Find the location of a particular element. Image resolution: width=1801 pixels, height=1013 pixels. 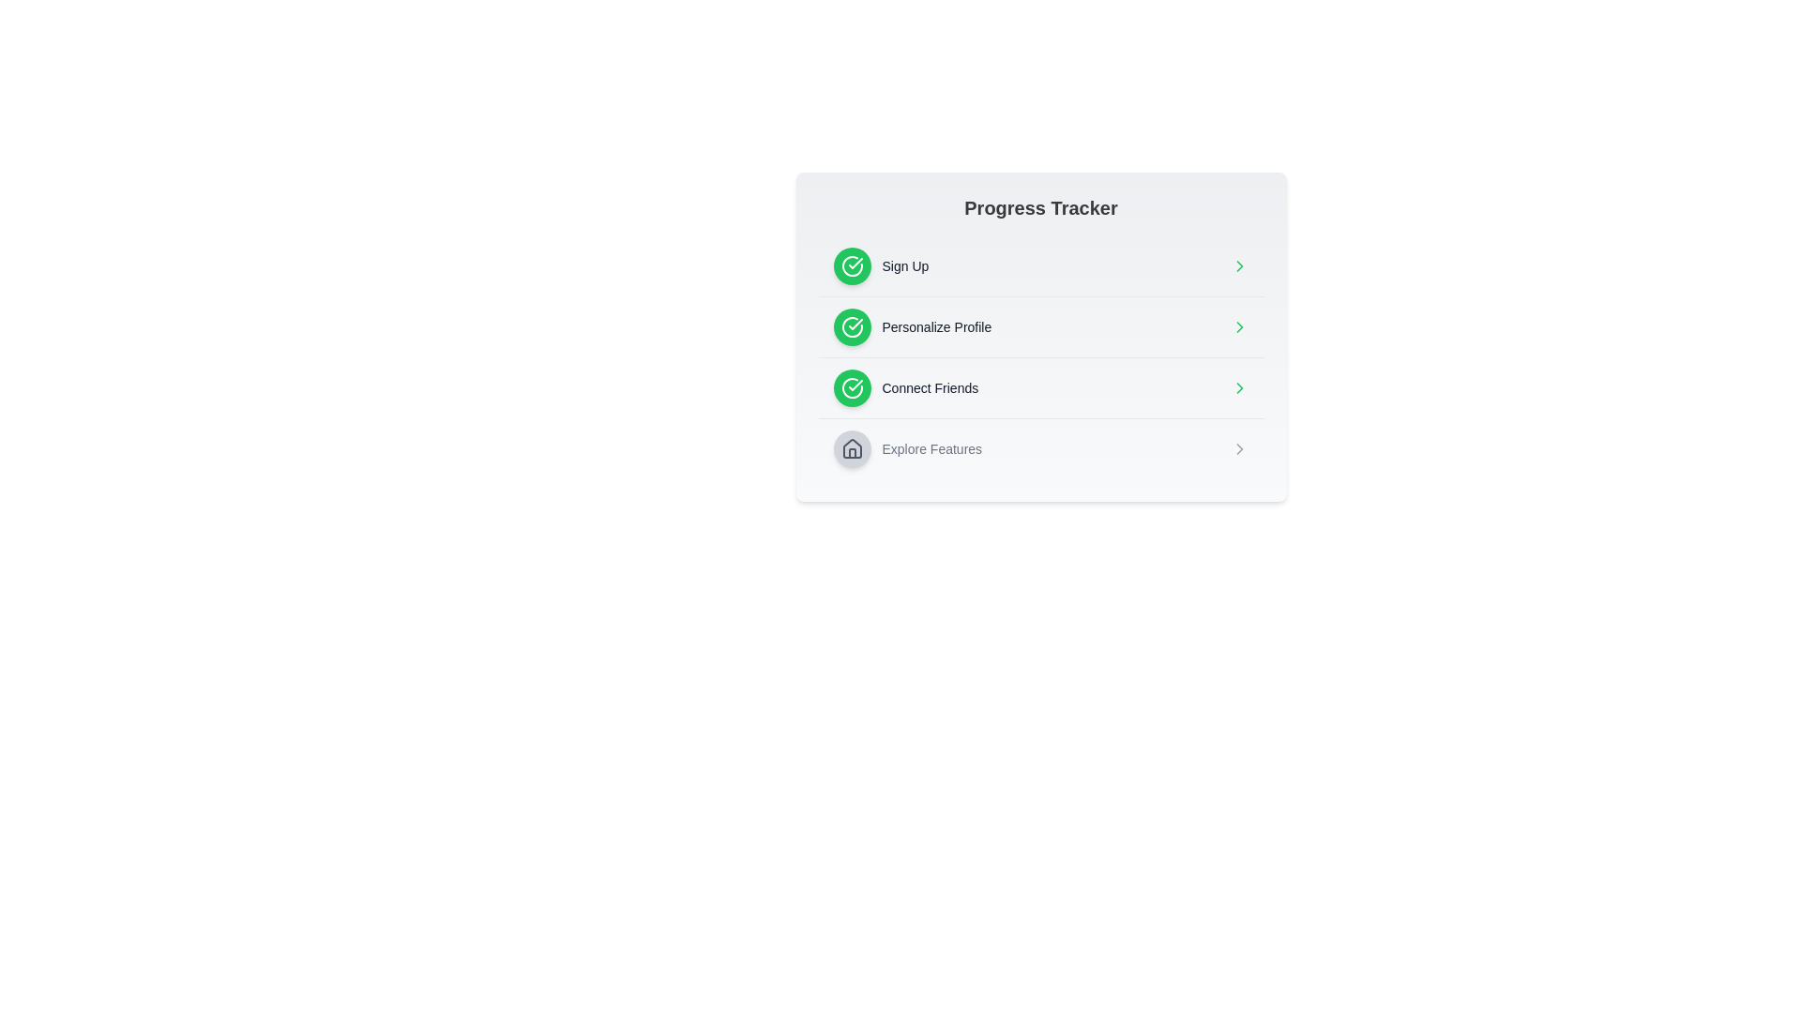

the green checkmark icon of the 'Sign Up' step tracker to confirm task completion is located at coordinates (880, 266).